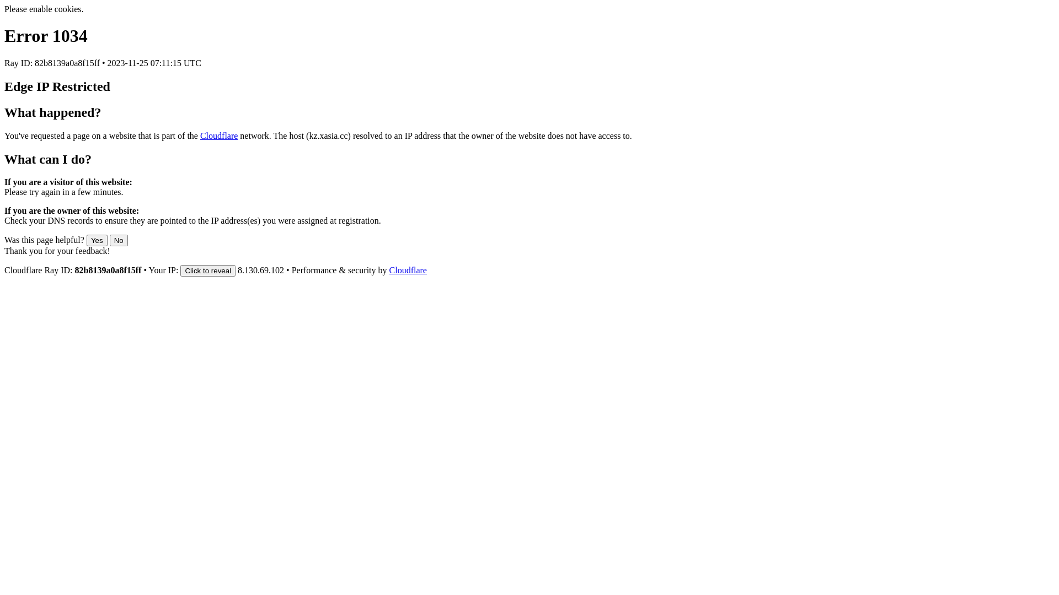 The width and height of the screenshot is (1059, 595). Describe the element at coordinates (97, 240) in the screenshot. I see `'Yes'` at that location.